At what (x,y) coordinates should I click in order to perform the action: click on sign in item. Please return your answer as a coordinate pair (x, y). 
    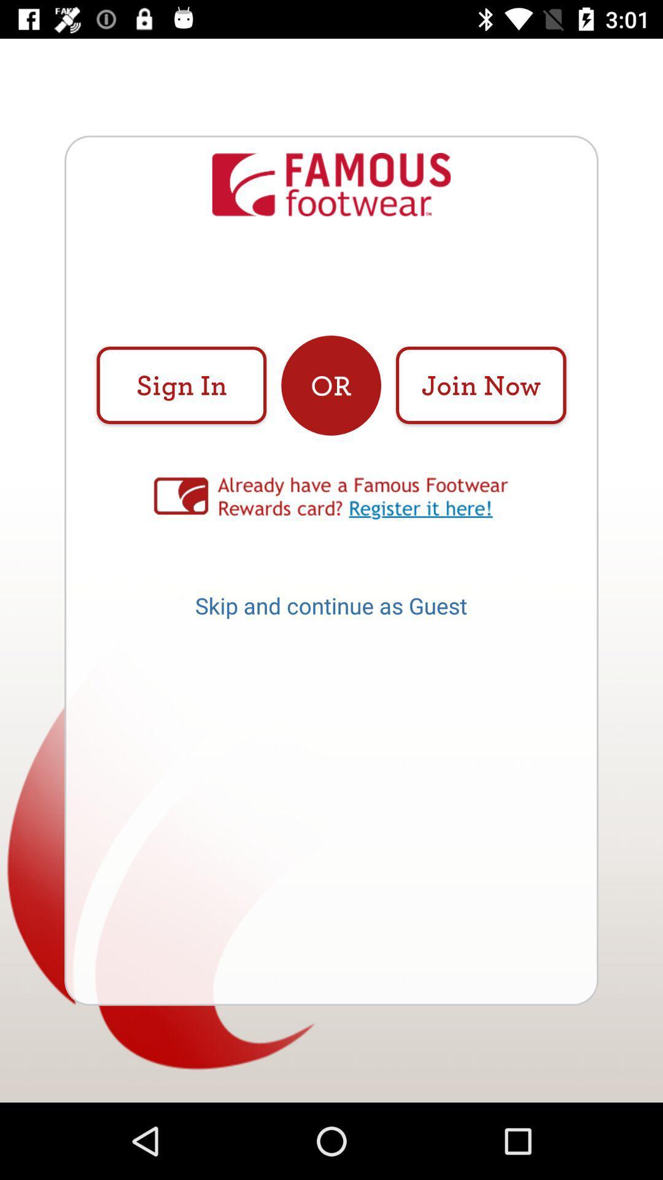
    Looking at the image, I should click on (181, 385).